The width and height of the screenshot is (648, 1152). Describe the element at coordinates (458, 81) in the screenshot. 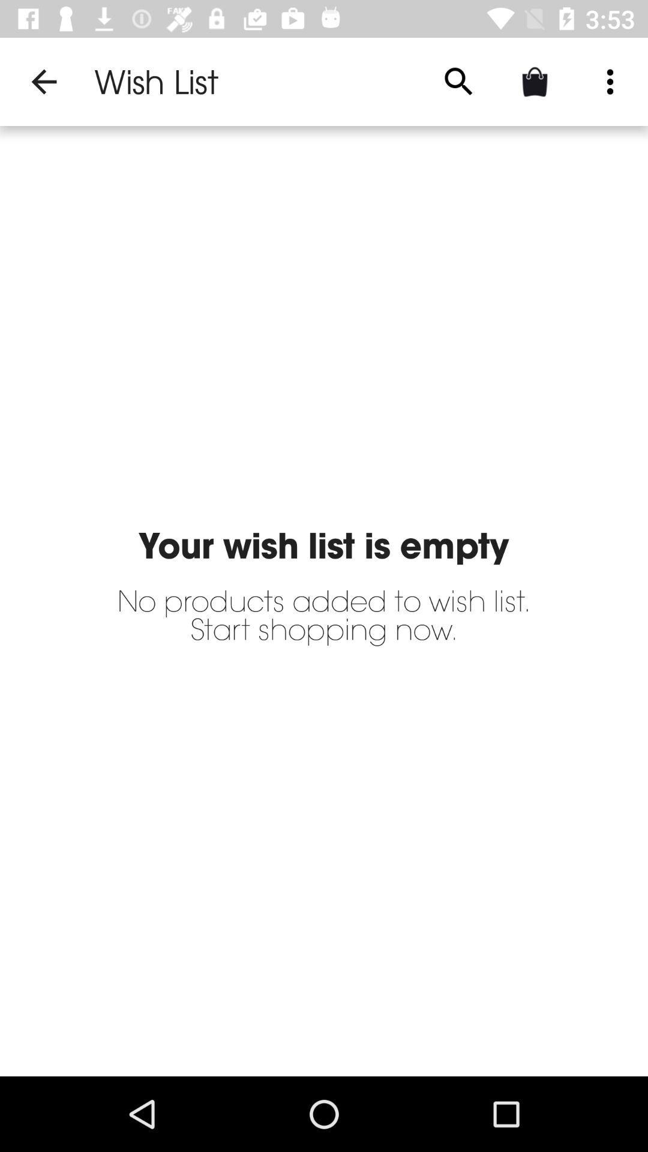

I see `app next to the wish list item` at that location.